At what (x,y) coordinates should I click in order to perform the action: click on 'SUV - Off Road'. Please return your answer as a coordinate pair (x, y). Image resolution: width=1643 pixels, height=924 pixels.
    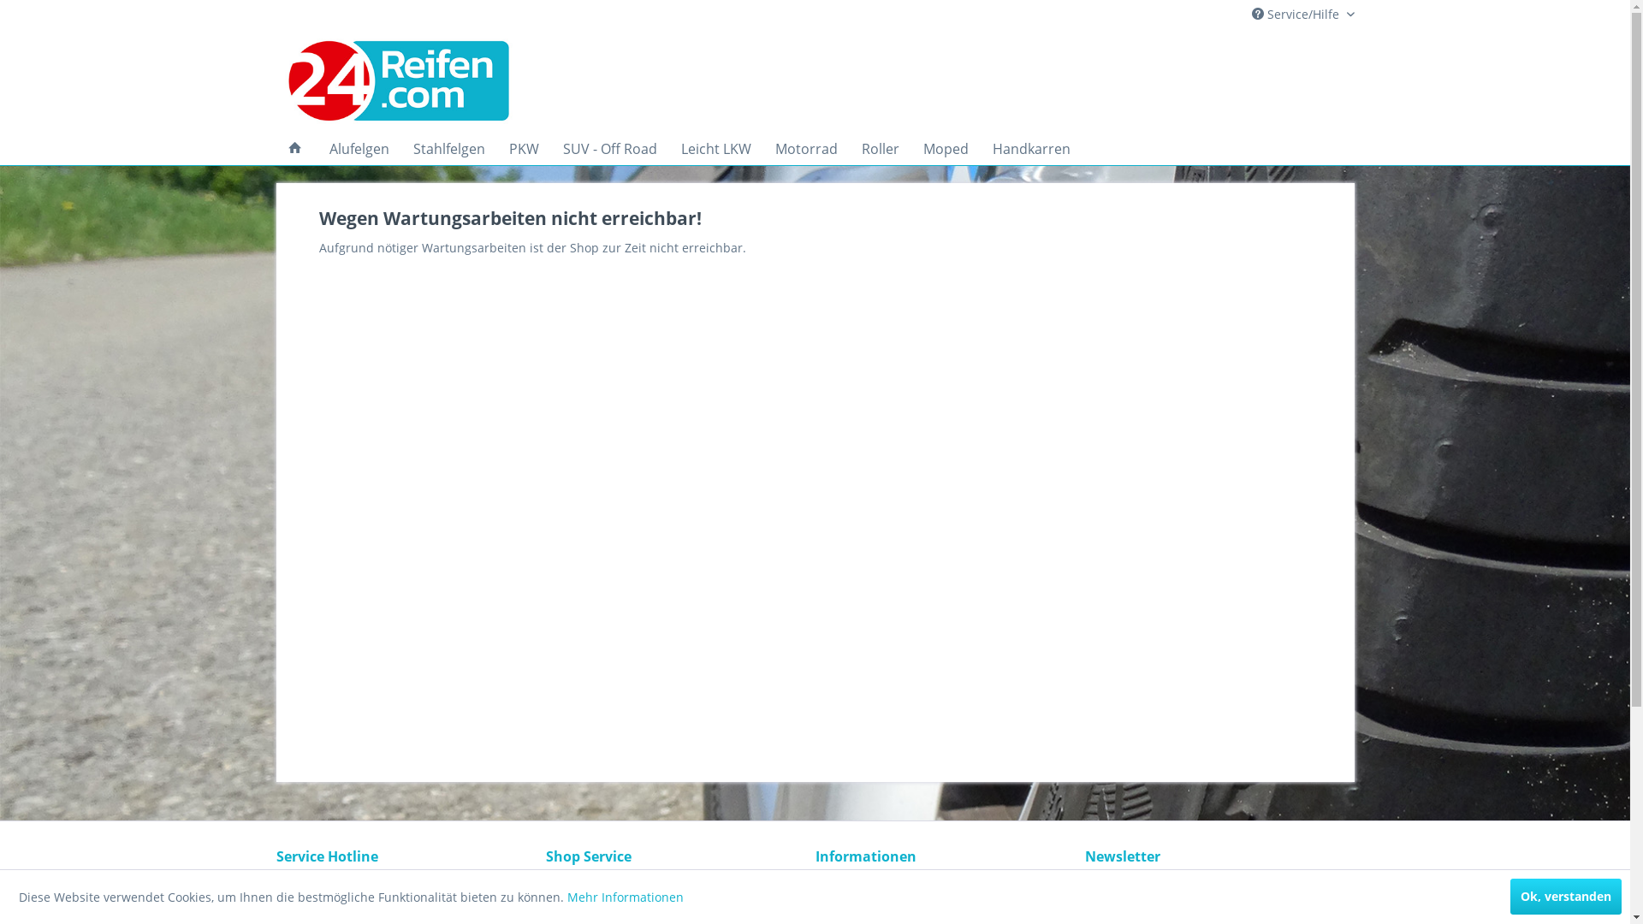
    Looking at the image, I should click on (610, 147).